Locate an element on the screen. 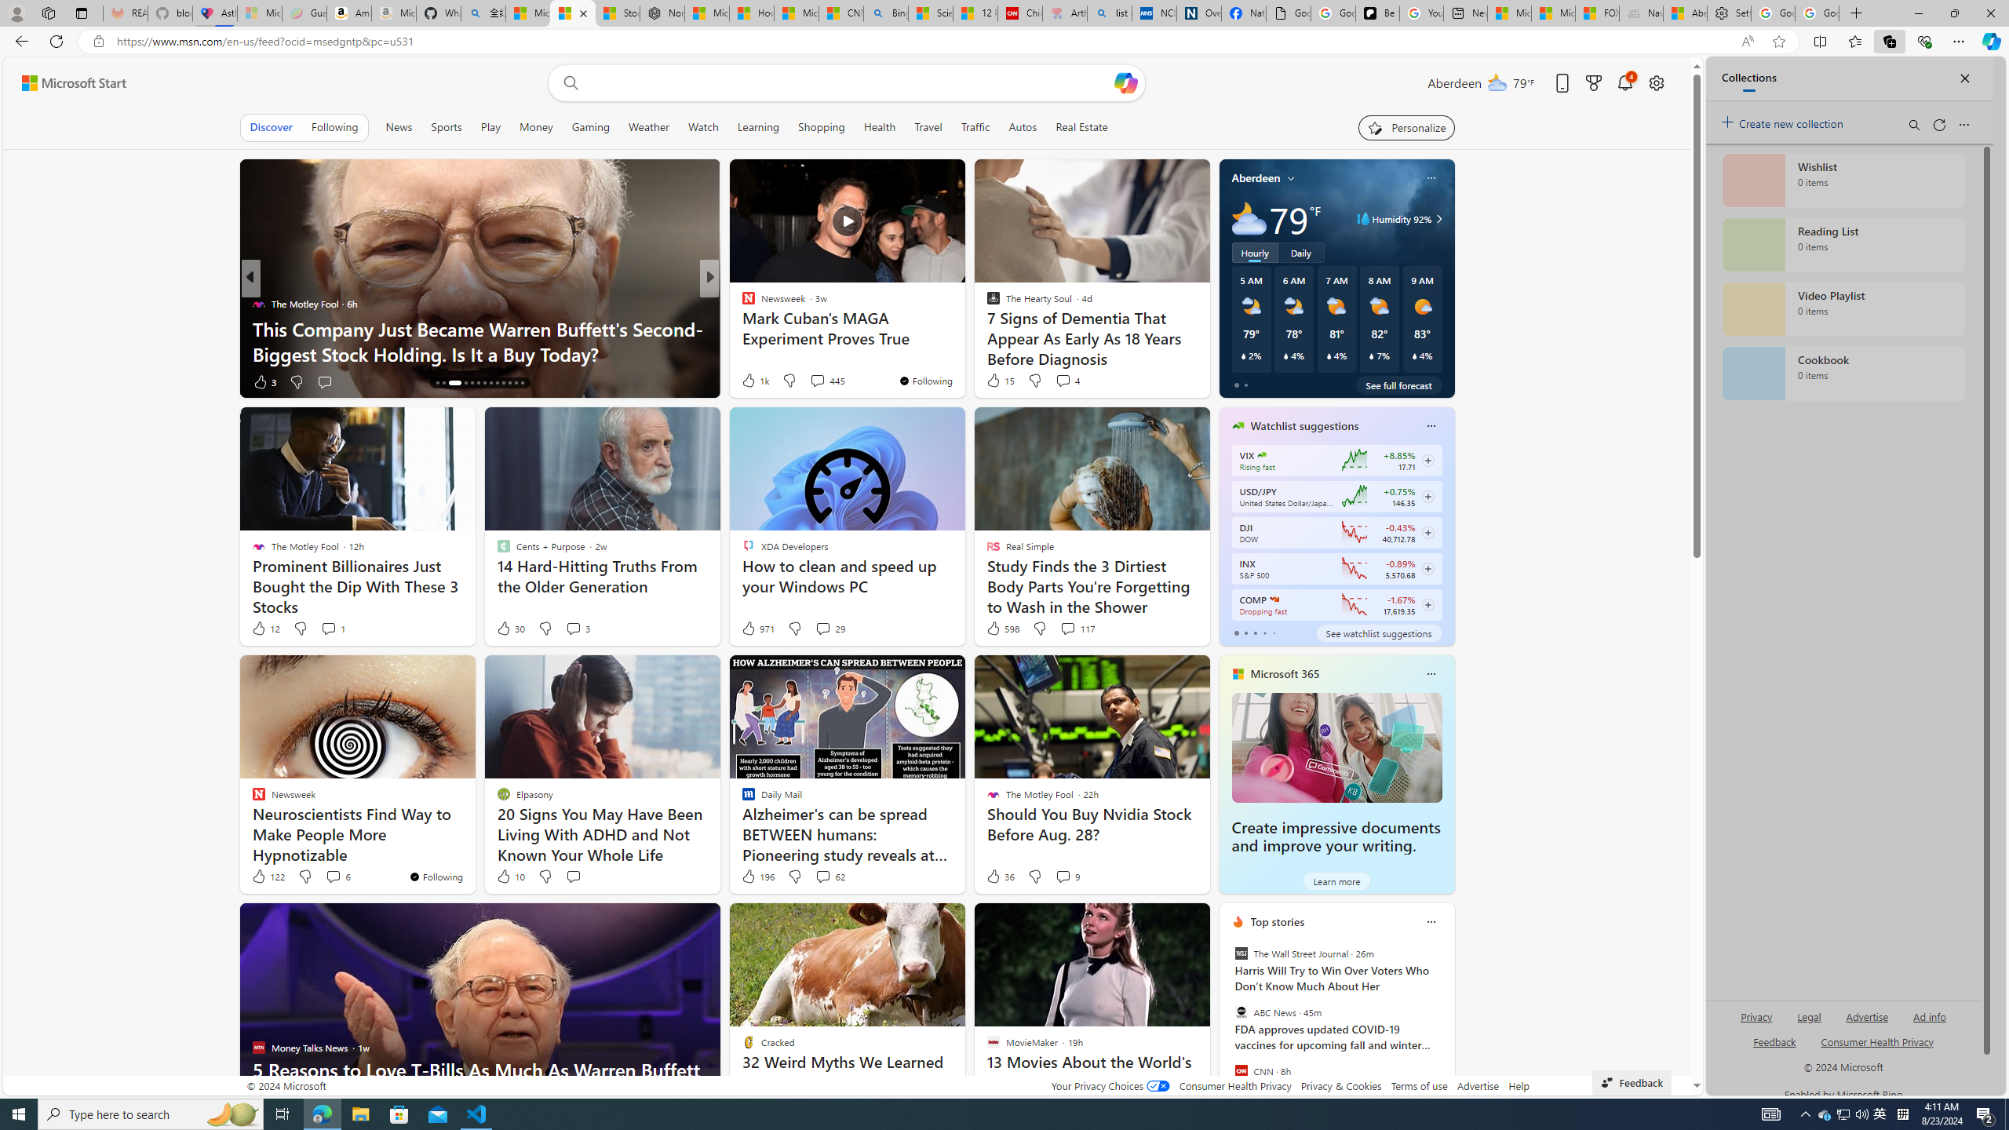 Image resolution: width=2009 pixels, height=1130 pixels. 'View comments 34 Comment' is located at coordinates (812, 381).